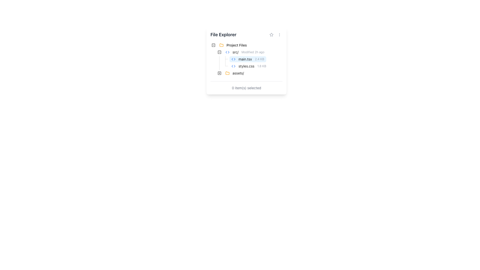 This screenshot has height=270, width=480. What do you see at coordinates (213, 45) in the screenshot?
I see `the minus-square toggle button icon located to the left of the 'src/' label` at bounding box center [213, 45].